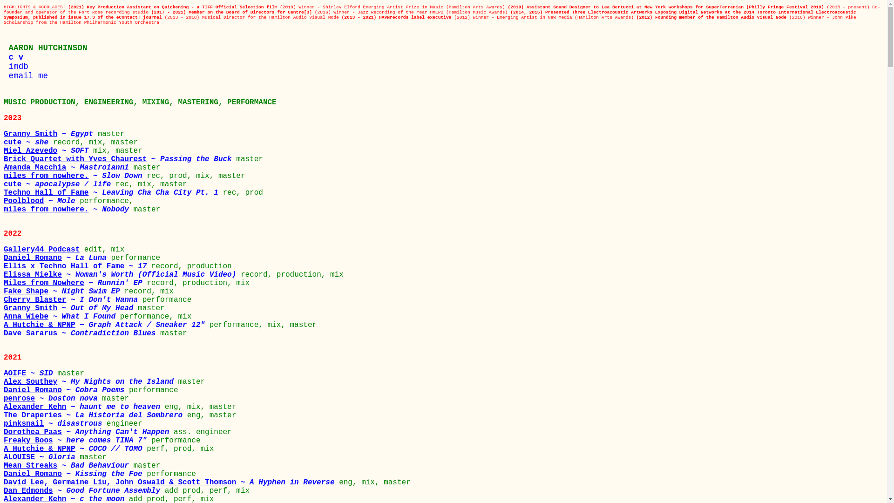  I want to click on 'miles from nowhere. ~ Nobody', so click(68, 210).